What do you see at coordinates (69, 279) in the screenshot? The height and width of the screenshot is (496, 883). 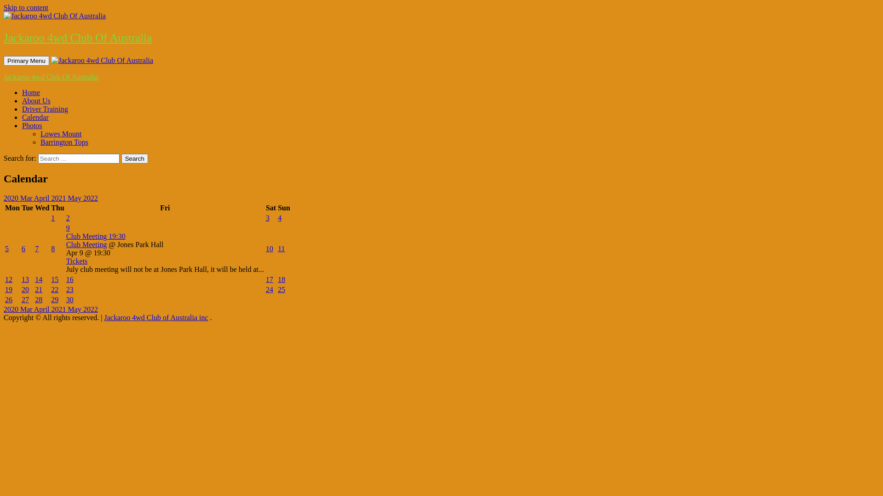 I see `'16'` at bounding box center [69, 279].